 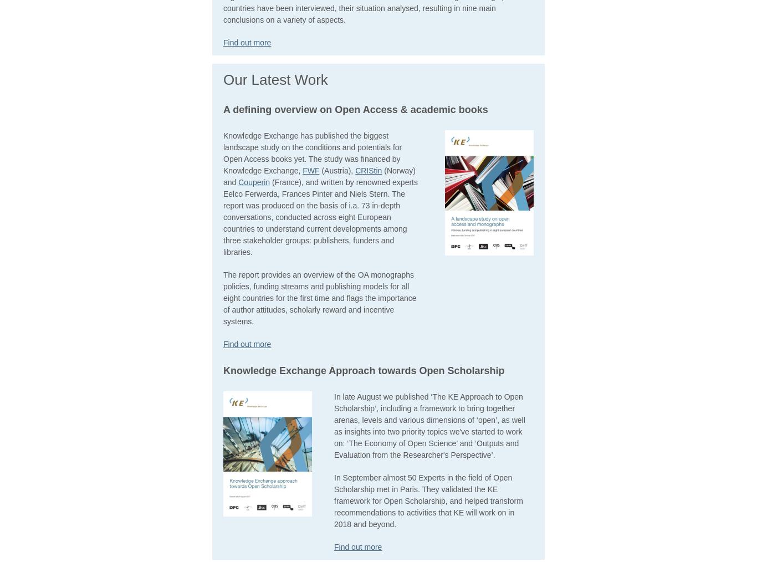 What do you see at coordinates (254, 182) in the screenshot?
I see `'Couperin'` at bounding box center [254, 182].